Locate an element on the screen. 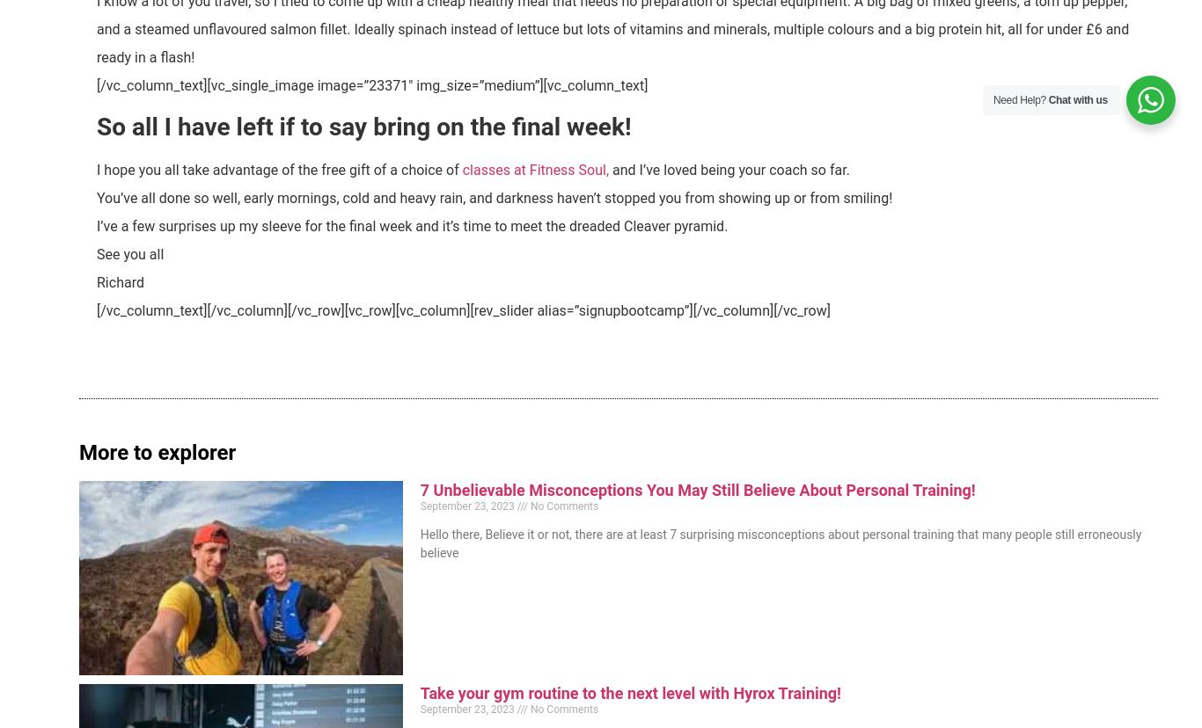  '7 Unbelievable Misconceptions You May Still Believe About Personal Training!' is located at coordinates (697, 490).